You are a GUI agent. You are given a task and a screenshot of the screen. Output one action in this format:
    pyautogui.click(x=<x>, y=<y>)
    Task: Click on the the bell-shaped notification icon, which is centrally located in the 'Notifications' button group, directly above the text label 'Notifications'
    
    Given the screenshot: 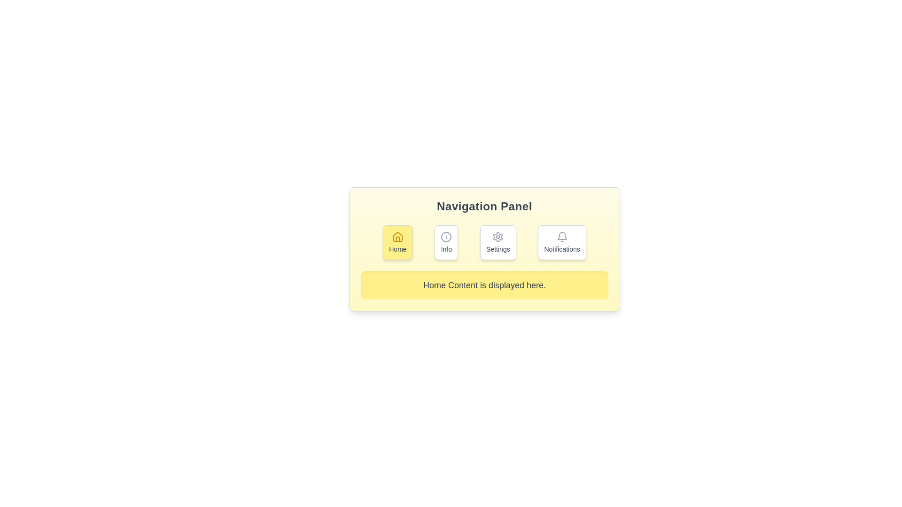 What is the action you would take?
    pyautogui.click(x=562, y=237)
    